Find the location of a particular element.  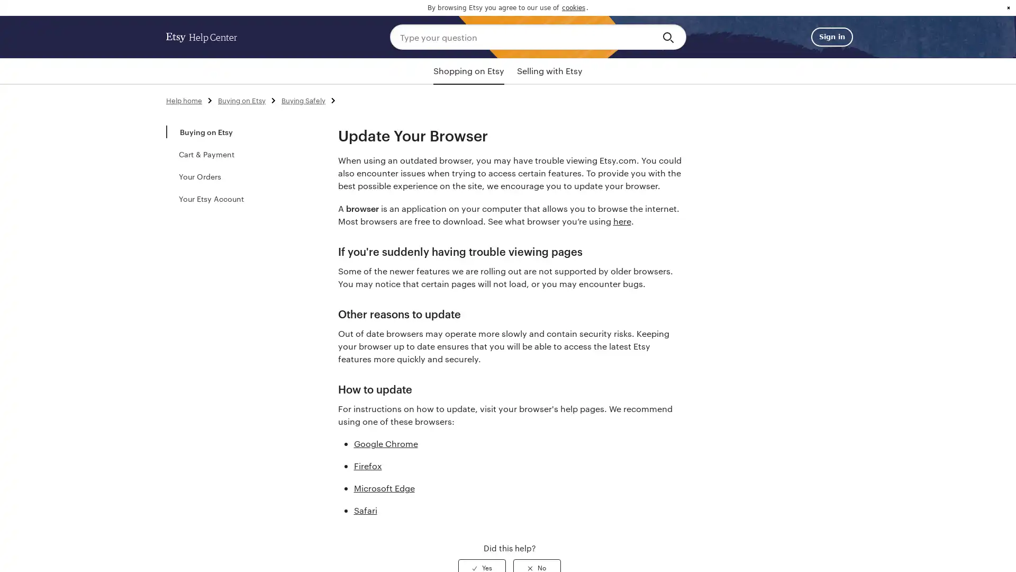

dismiss cookie message is located at coordinates (1008, 7).